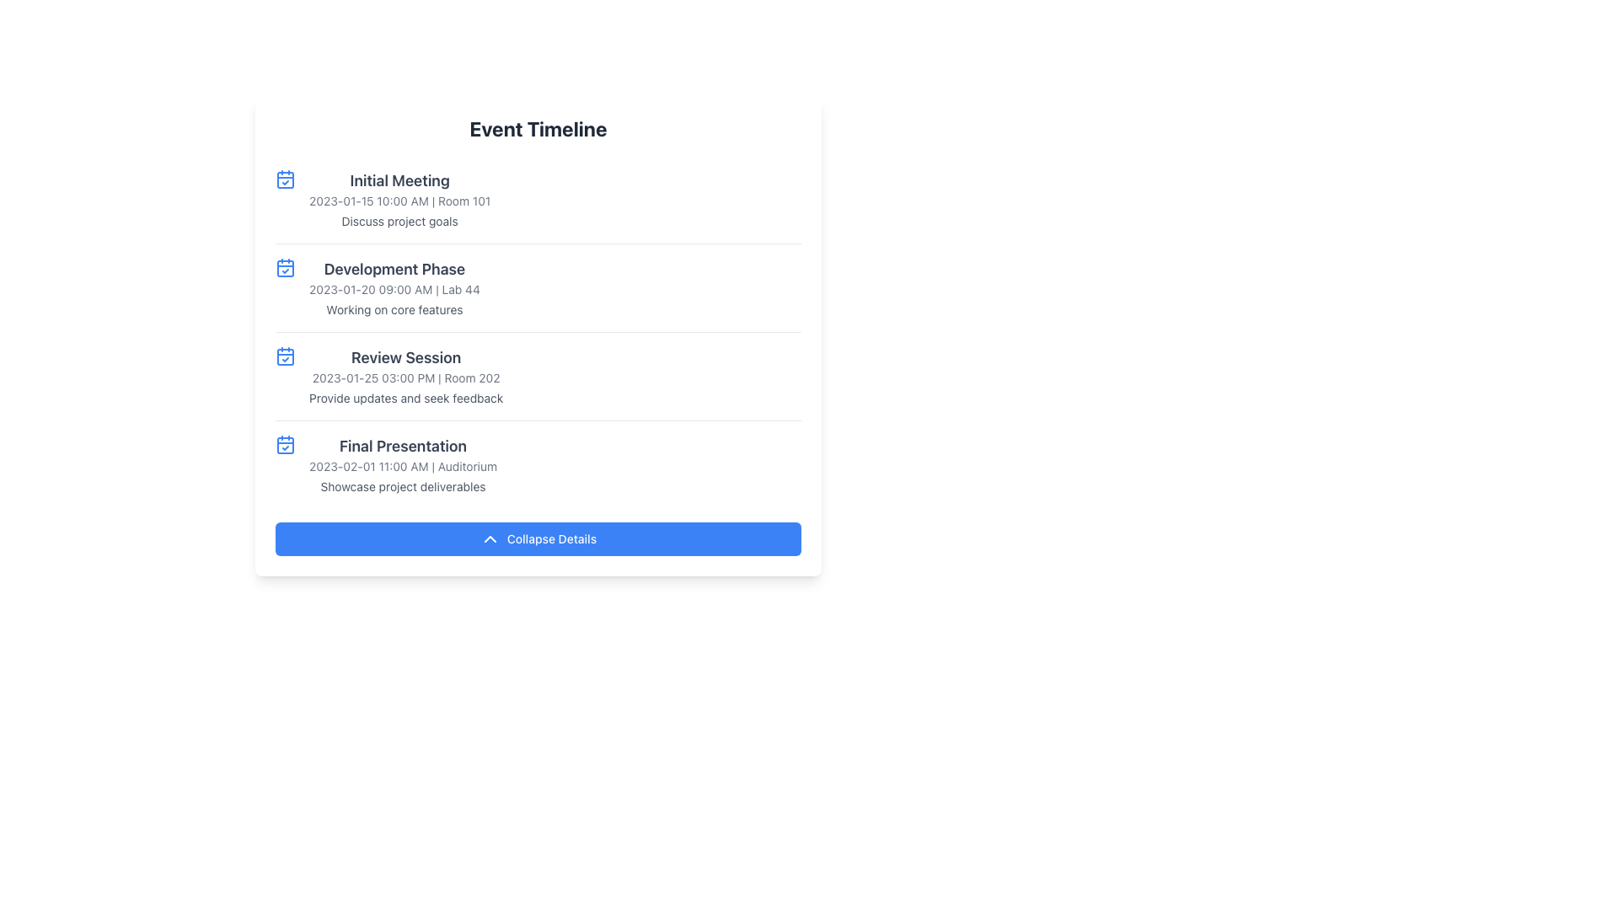 This screenshot has height=910, width=1618. Describe the element at coordinates (286, 266) in the screenshot. I see `the calendar event icon located on the leftmost part of the 'Development Phase' section in the 'Event Timeline' list` at that location.